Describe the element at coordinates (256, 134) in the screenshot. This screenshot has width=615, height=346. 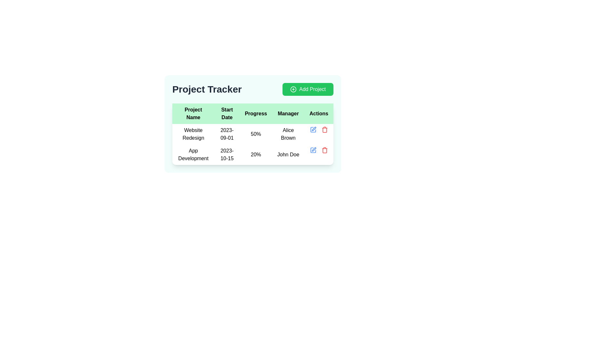
I see `the text display showing '50%' in bold black font, located in the 'Progress' column of the first row in the table` at that location.